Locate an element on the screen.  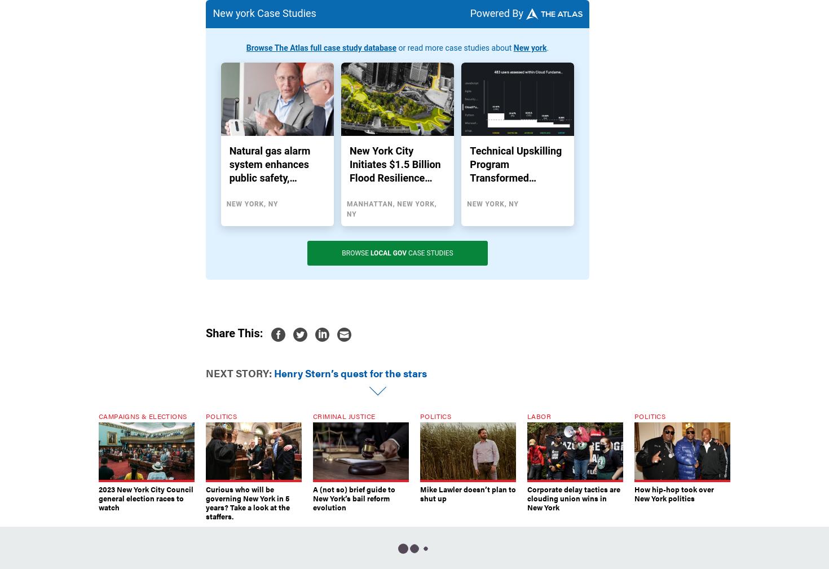
'Curious who will be governing New York in 5 years? Take a look at the staffers.' is located at coordinates (247, 502).